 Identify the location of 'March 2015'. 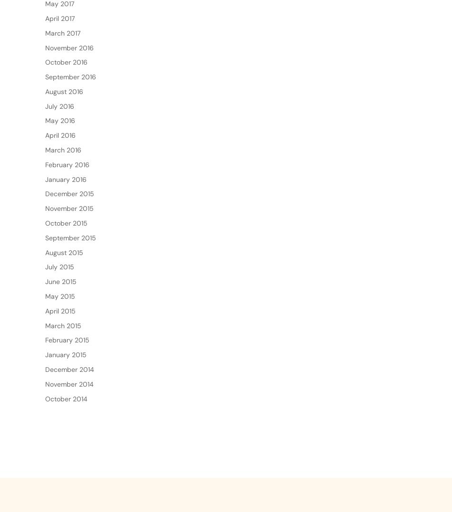
(45, 355).